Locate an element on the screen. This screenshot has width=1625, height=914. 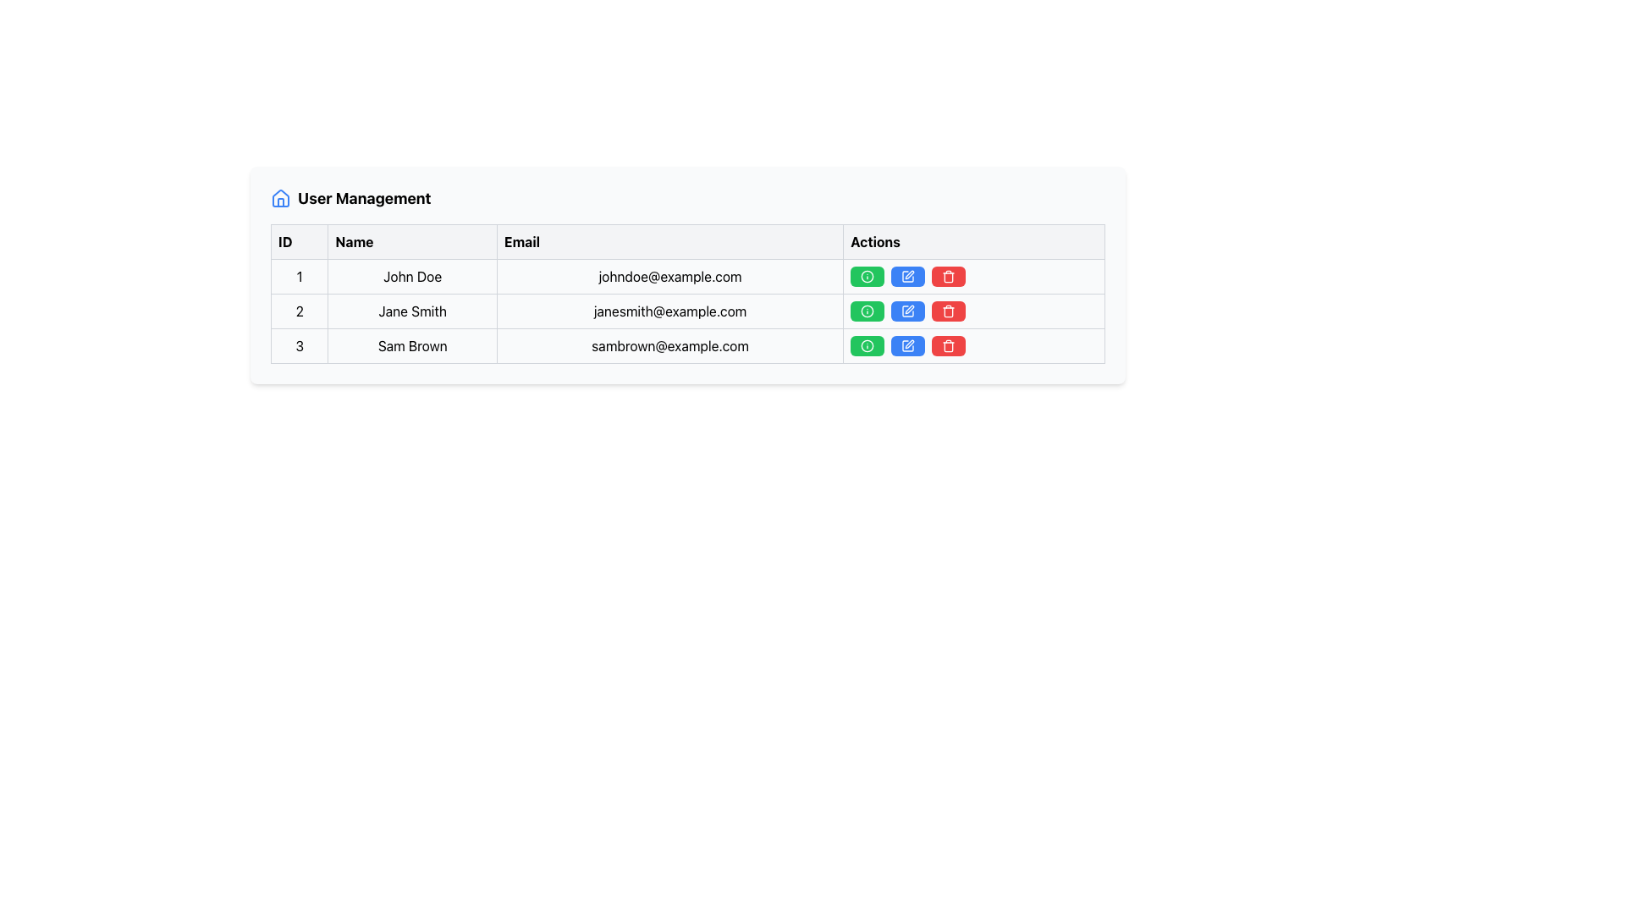
the first row in the table containing user data, which includes the number '1', the name 'John Doe', the email 'johndoe@example.com', and three action buttons, by clicking on it is located at coordinates (687, 276).